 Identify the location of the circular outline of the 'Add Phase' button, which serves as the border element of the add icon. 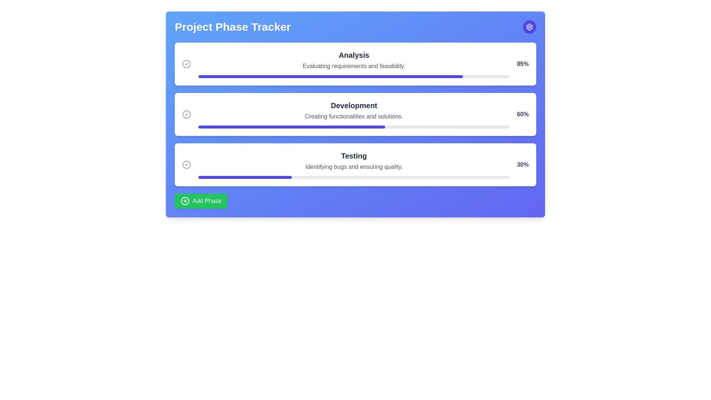
(185, 201).